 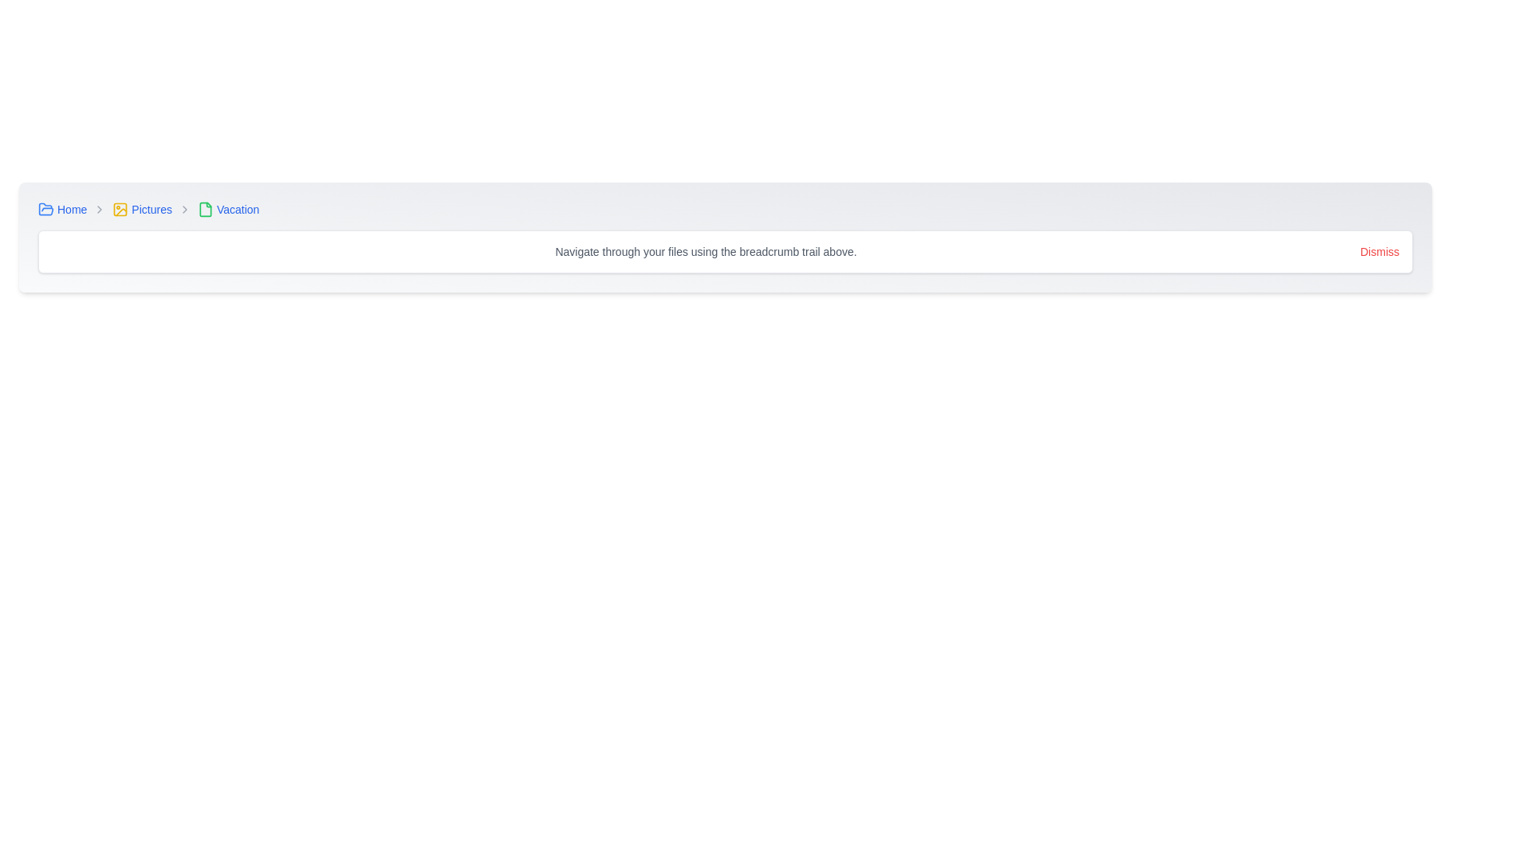 I want to click on the icon representing the associated file or folder in the breadcrumb navigation bar, which precedes the clickable text 'Vacation', so click(x=204, y=208).